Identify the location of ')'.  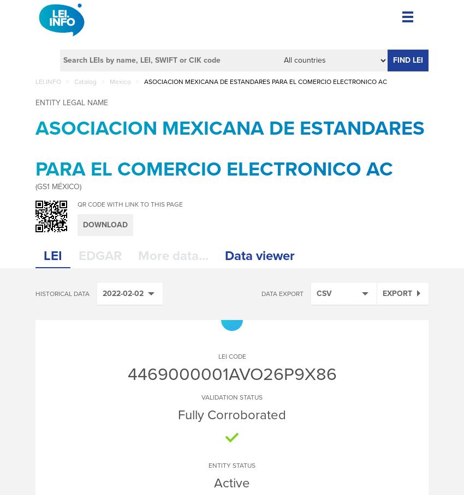
(80, 186).